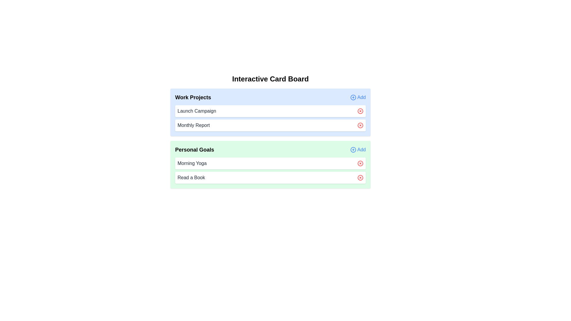 This screenshot has width=571, height=321. Describe the element at coordinates (360, 111) in the screenshot. I see `the red 'X' button next to the task 'Launch Campaign' in the category 'Work Projects'` at that location.